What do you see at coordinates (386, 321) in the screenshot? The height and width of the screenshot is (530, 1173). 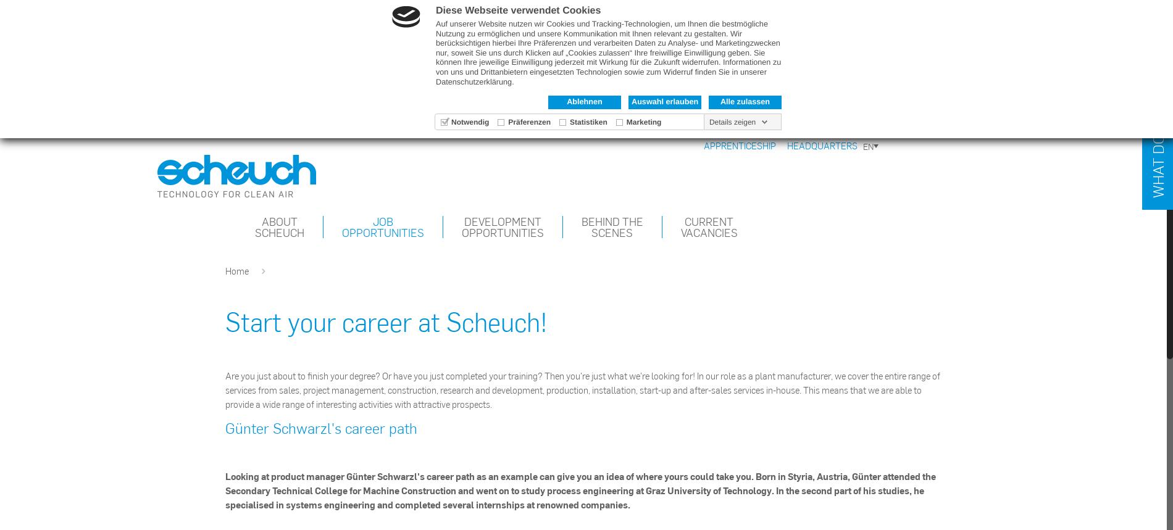 I see `'Start your career at Scheuch!'` at bounding box center [386, 321].